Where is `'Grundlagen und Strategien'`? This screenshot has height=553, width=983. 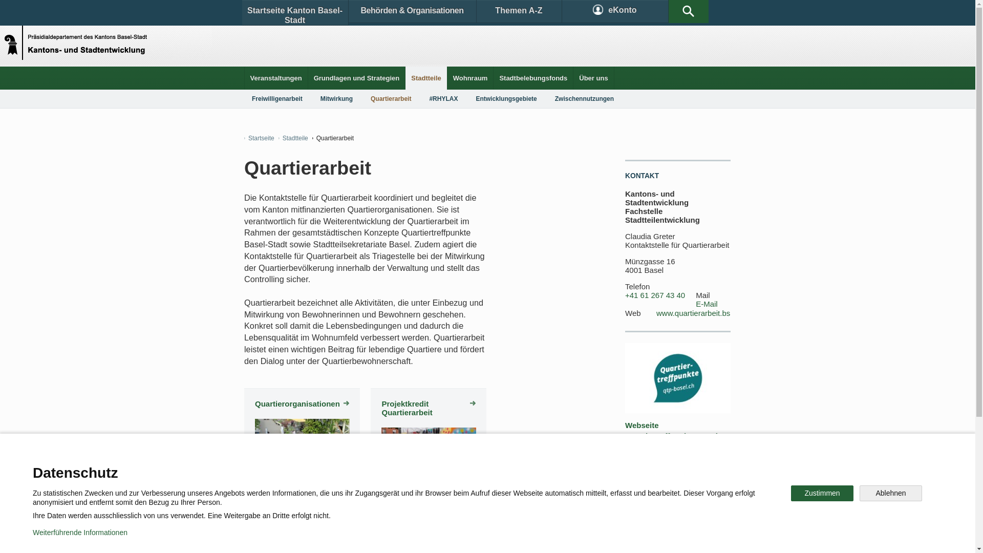 'Grundlagen und Strategien' is located at coordinates (356, 77).